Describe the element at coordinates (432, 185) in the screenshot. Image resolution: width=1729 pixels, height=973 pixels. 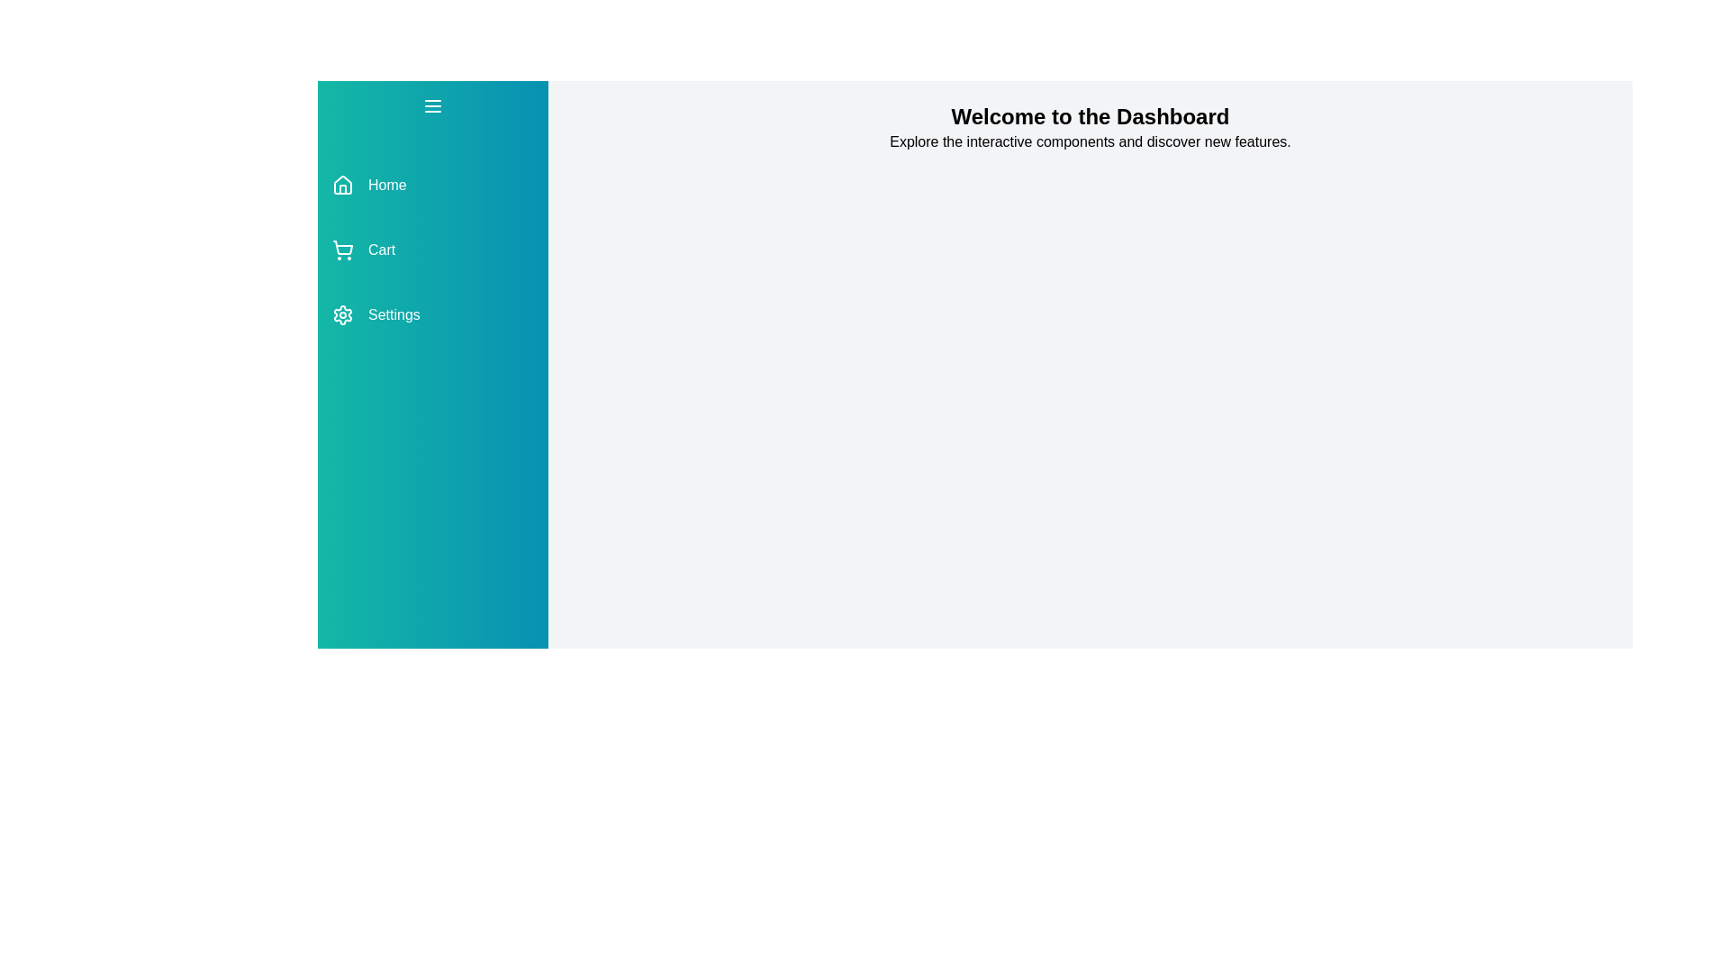
I see `the menu item labeled Home` at that location.